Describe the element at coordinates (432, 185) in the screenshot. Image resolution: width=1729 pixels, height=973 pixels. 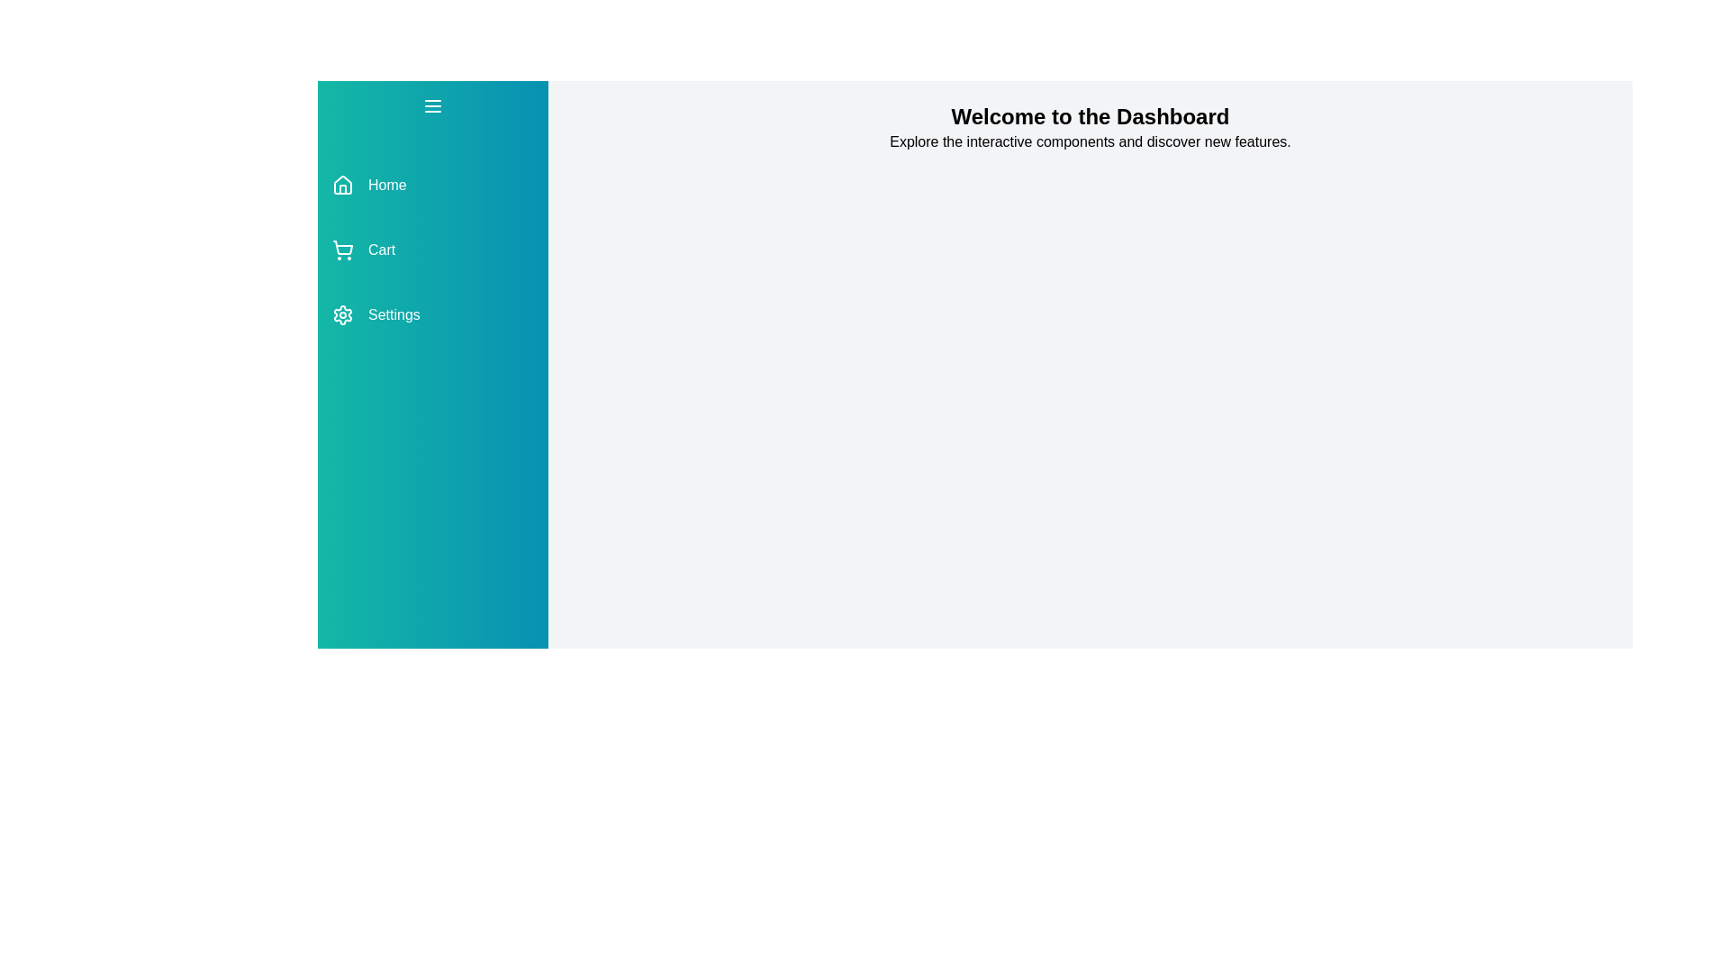
I see `the menu item labeled Home` at that location.